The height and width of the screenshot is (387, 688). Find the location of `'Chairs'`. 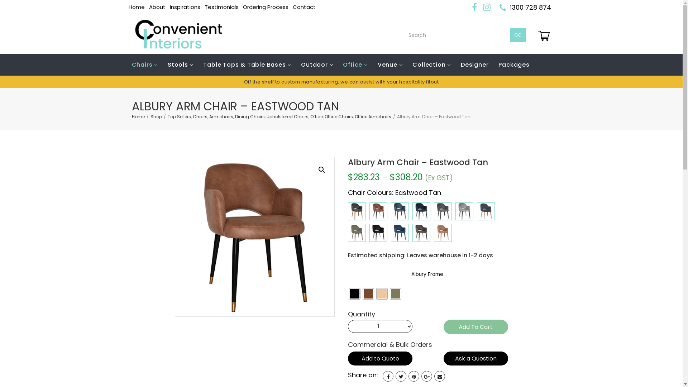

'Chairs' is located at coordinates (200, 116).